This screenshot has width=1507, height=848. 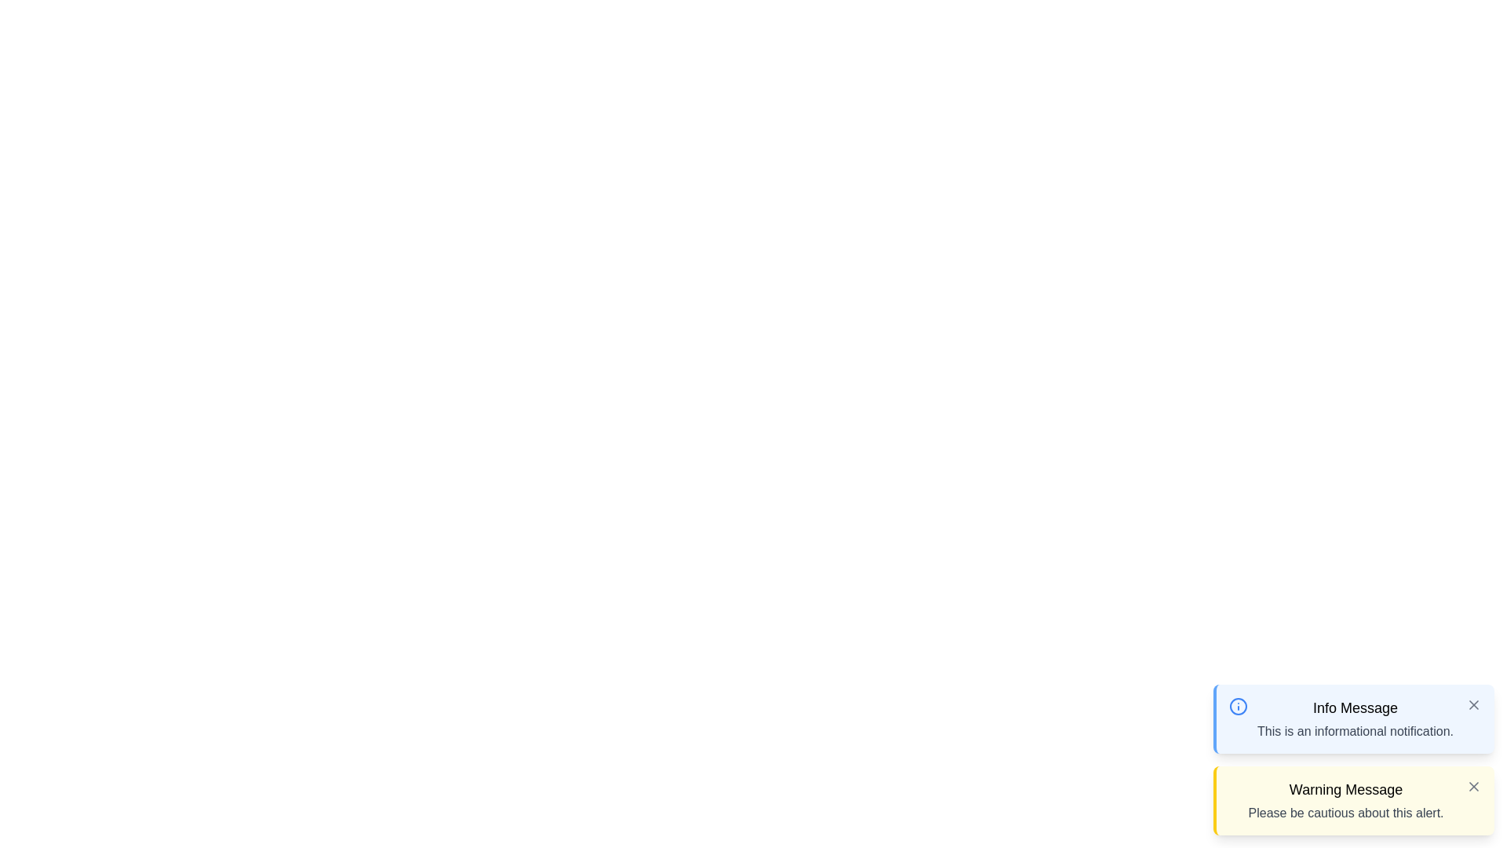 I want to click on the close button icon represented by an 'X' symbol located at the far-right side of the notification box to observe the color change indicating interactivity, so click(x=1472, y=704).